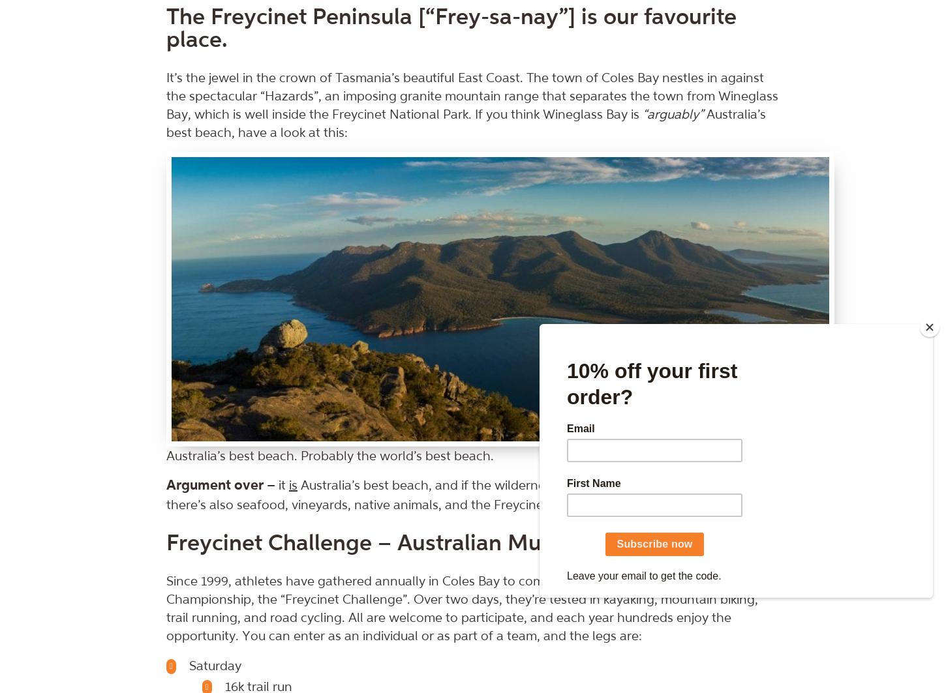 Image resolution: width=946 pixels, height=693 pixels. I want to click on 'It’s the jewel in the crown of Tasmania’s beautiful East Coast. The town of Coles Bay nestles in against the spectacular “Hazards”, an imposing granite mountain range that separates the town from Wineglass Bay, which is well inside the Freycinet National Park. If you think Wineglass Bay is', so click(471, 96).